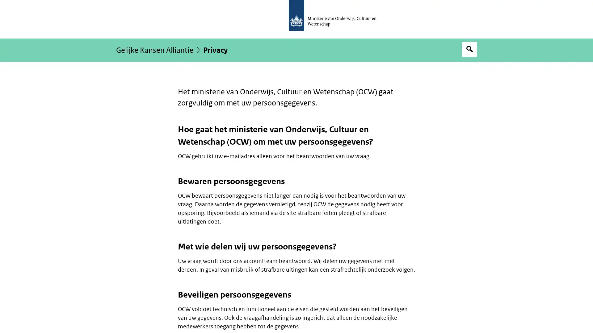 This screenshot has height=333, width=593. Describe the element at coordinates (469, 49) in the screenshot. I see `Open zoekveld` at that location.